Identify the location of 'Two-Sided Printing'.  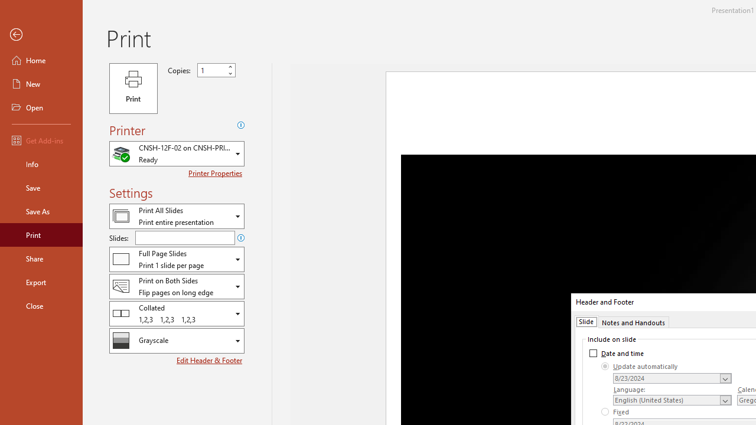
(176, 286).